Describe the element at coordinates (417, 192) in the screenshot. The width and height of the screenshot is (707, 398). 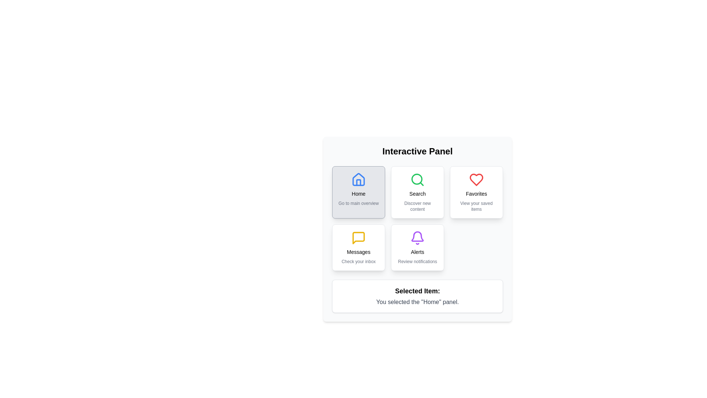
I see `the second card button in the top row of the grid` at that location.